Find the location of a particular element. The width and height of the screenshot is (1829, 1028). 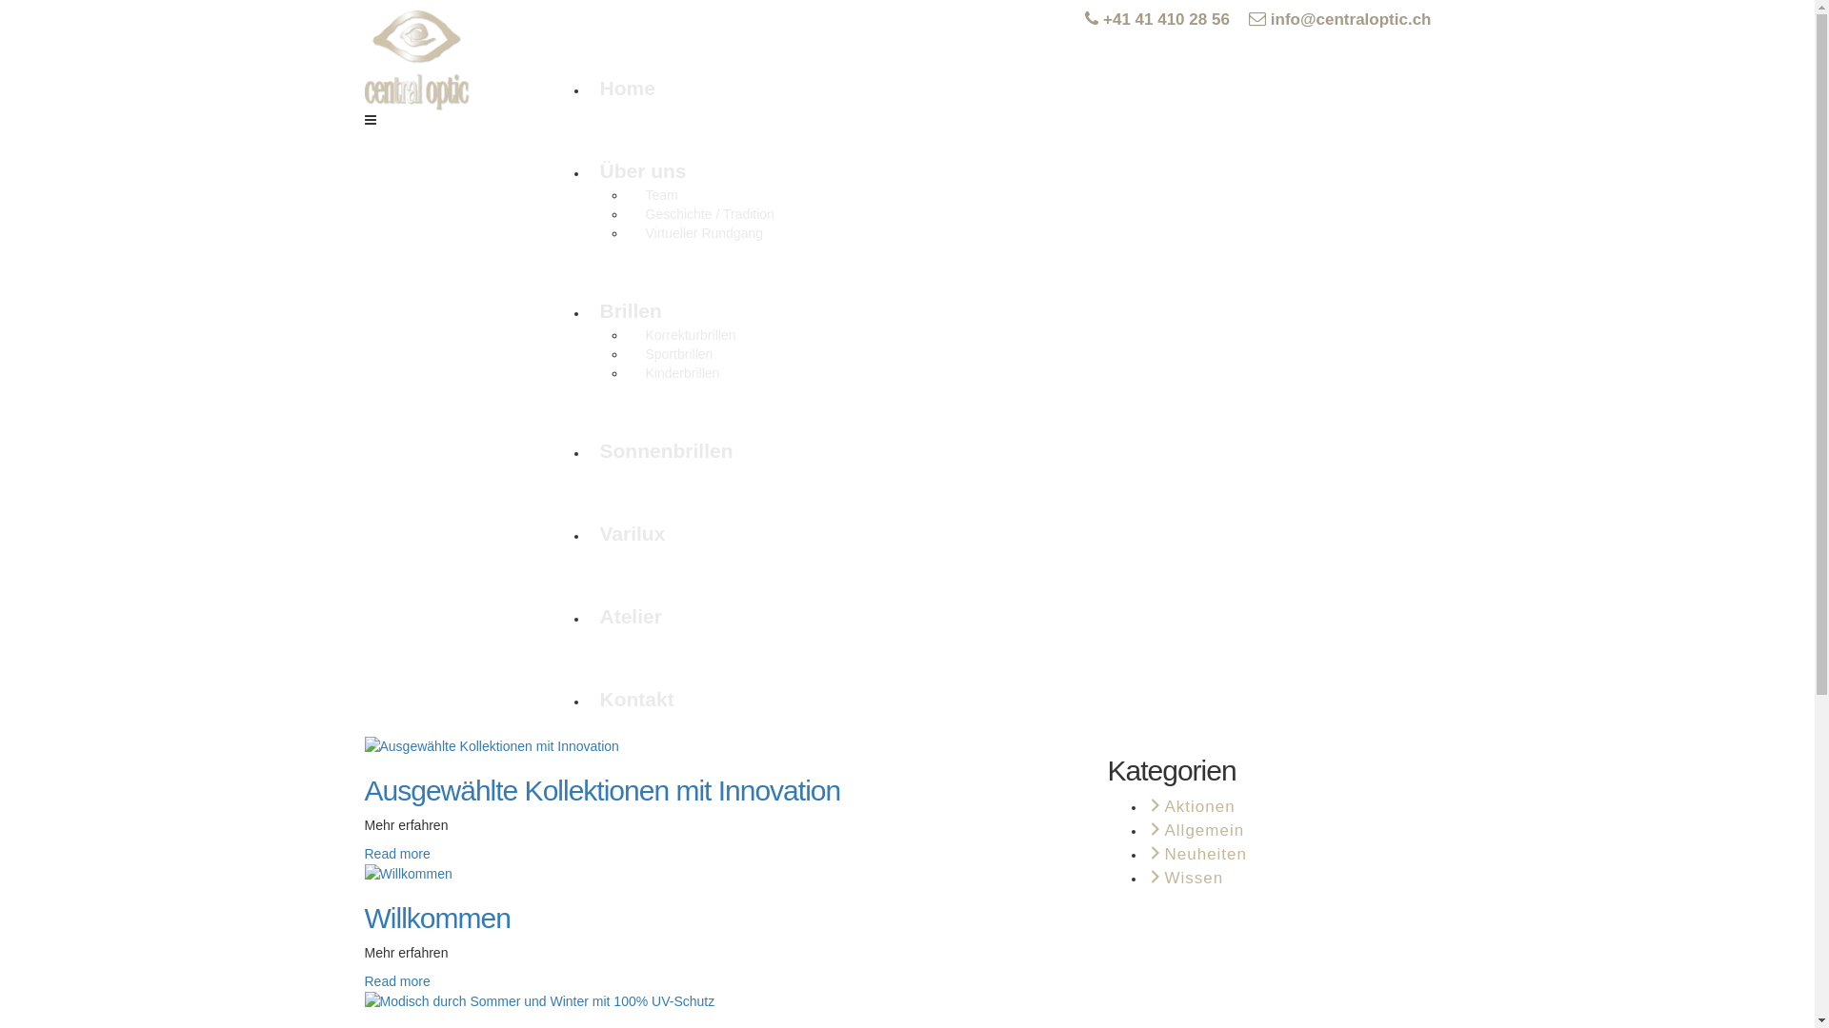

'Wissen' is located at coordinates (1143, 878).